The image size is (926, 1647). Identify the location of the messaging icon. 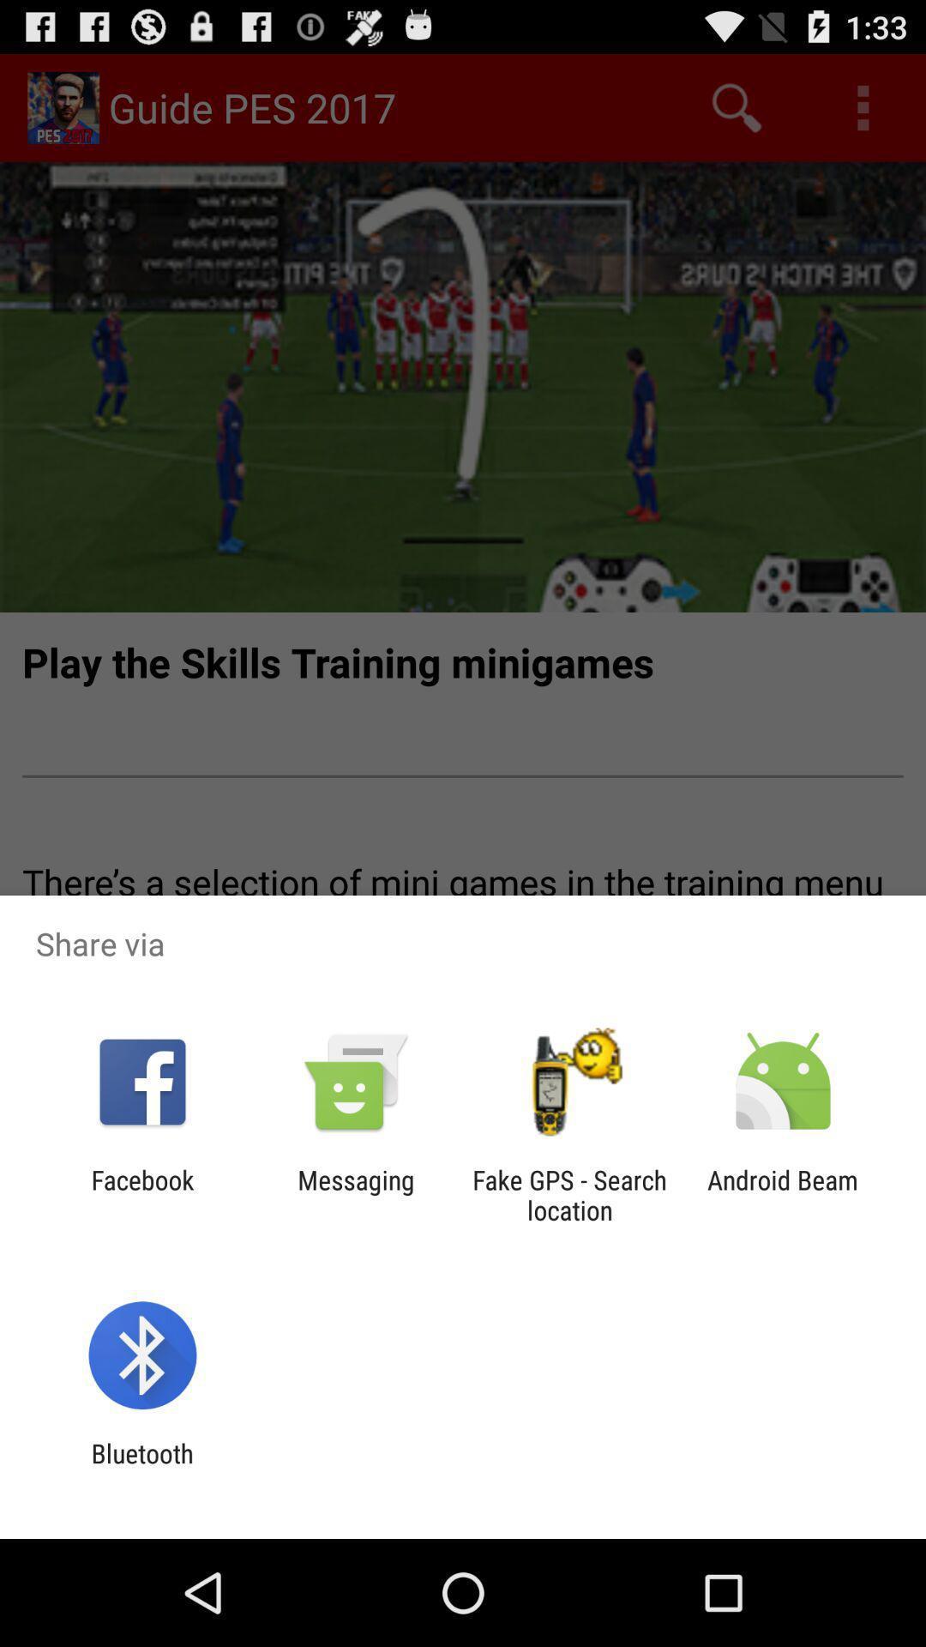
(355, 1194).